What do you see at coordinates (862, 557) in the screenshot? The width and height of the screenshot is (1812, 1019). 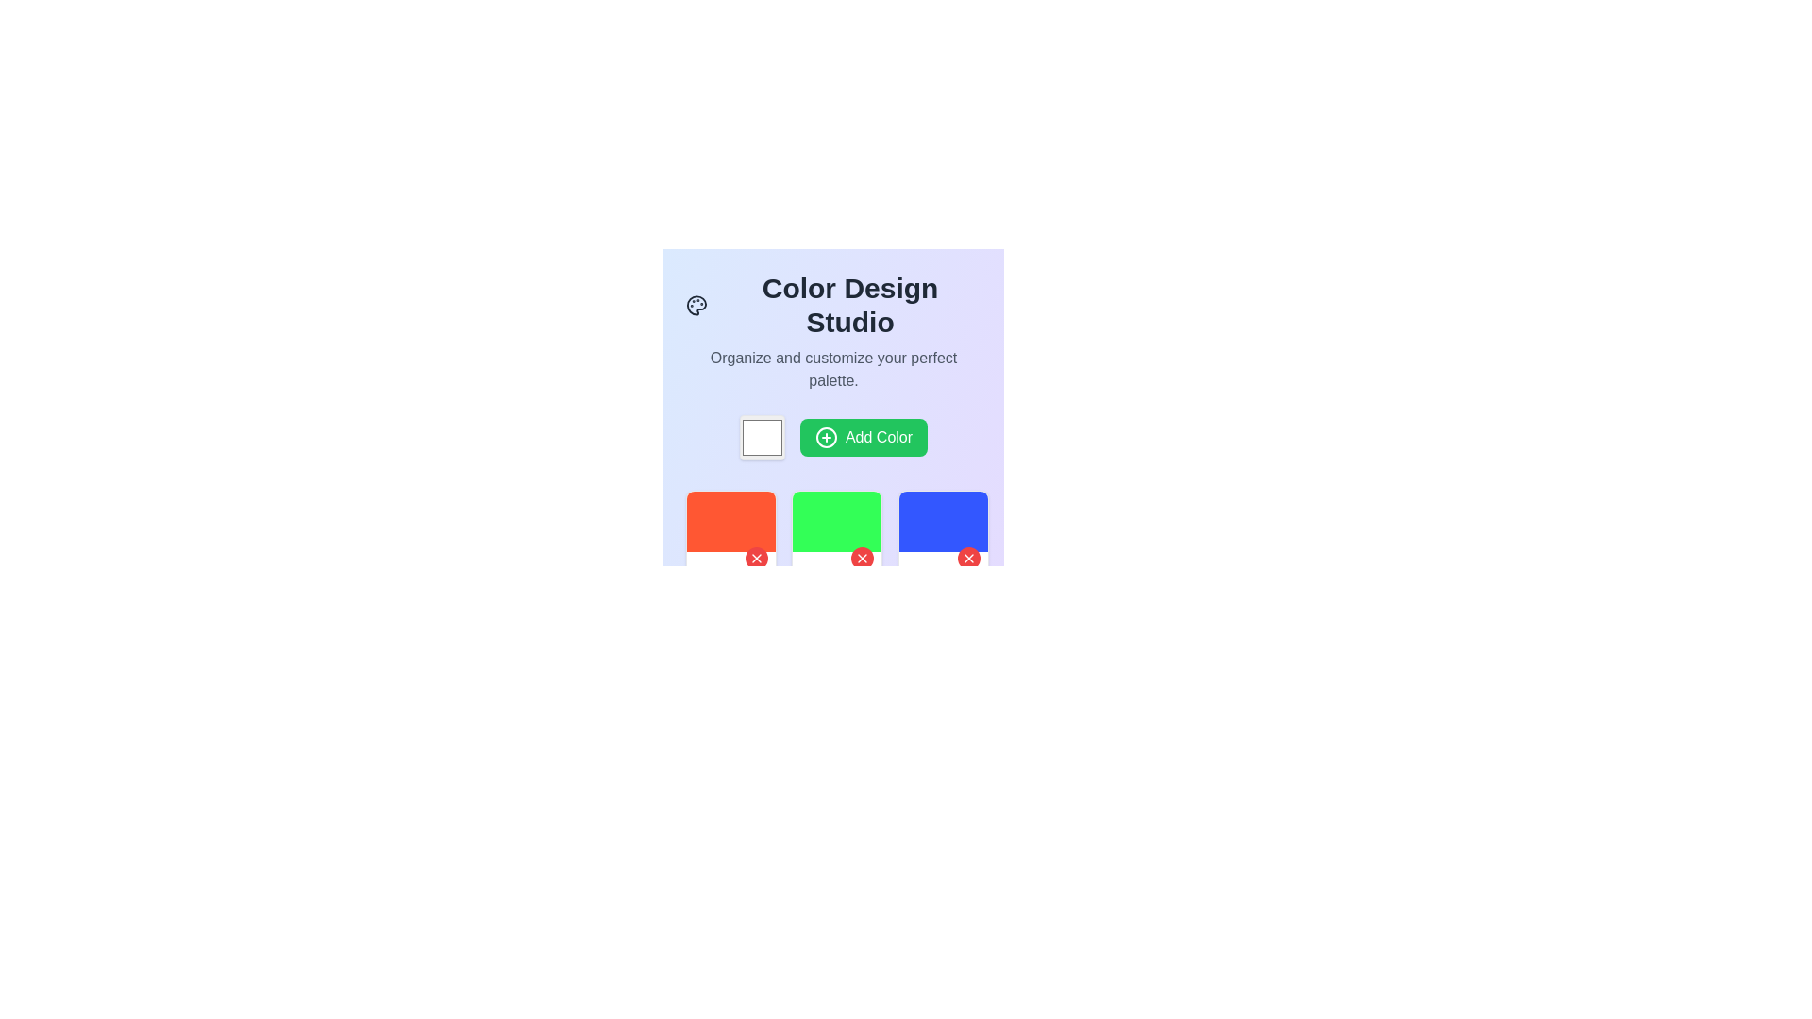 I see `the delete button located at the bottom-right corner of the green rectangular color swatch` at bounding box center [862, 557].